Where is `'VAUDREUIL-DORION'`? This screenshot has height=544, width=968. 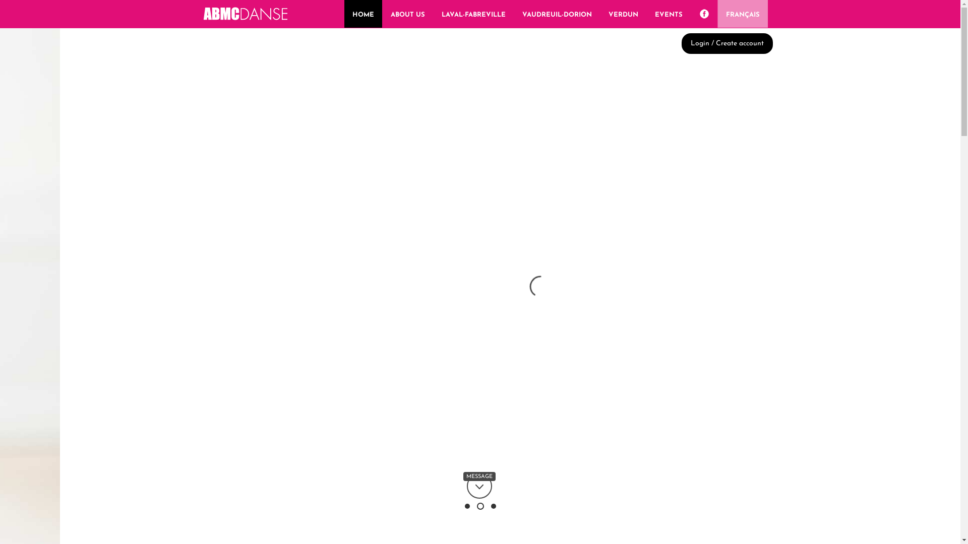
'VAUDREUIL-DORION' is located at coordinates (556, 14).